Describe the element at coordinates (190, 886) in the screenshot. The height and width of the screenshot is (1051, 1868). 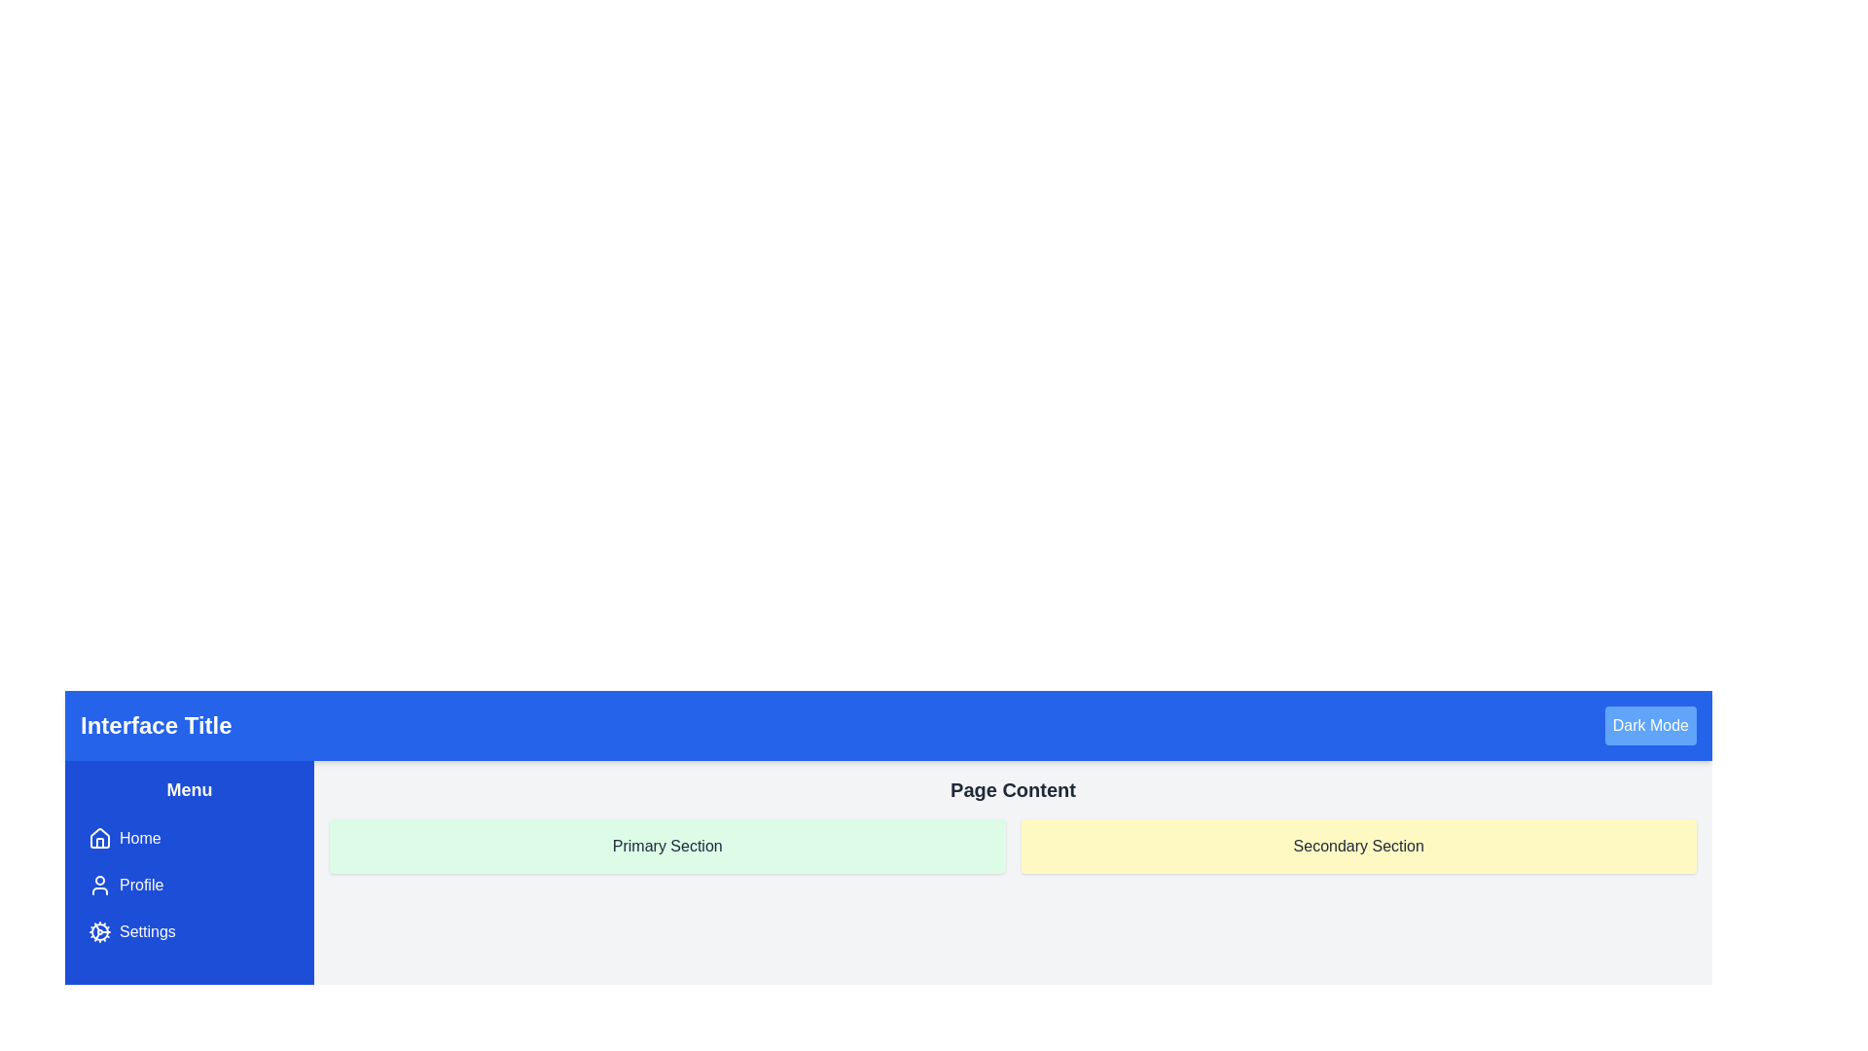
I see `the clickable navigation link labeled 'Profile' in the left-aligned sidebar 'Menu'` at that location.